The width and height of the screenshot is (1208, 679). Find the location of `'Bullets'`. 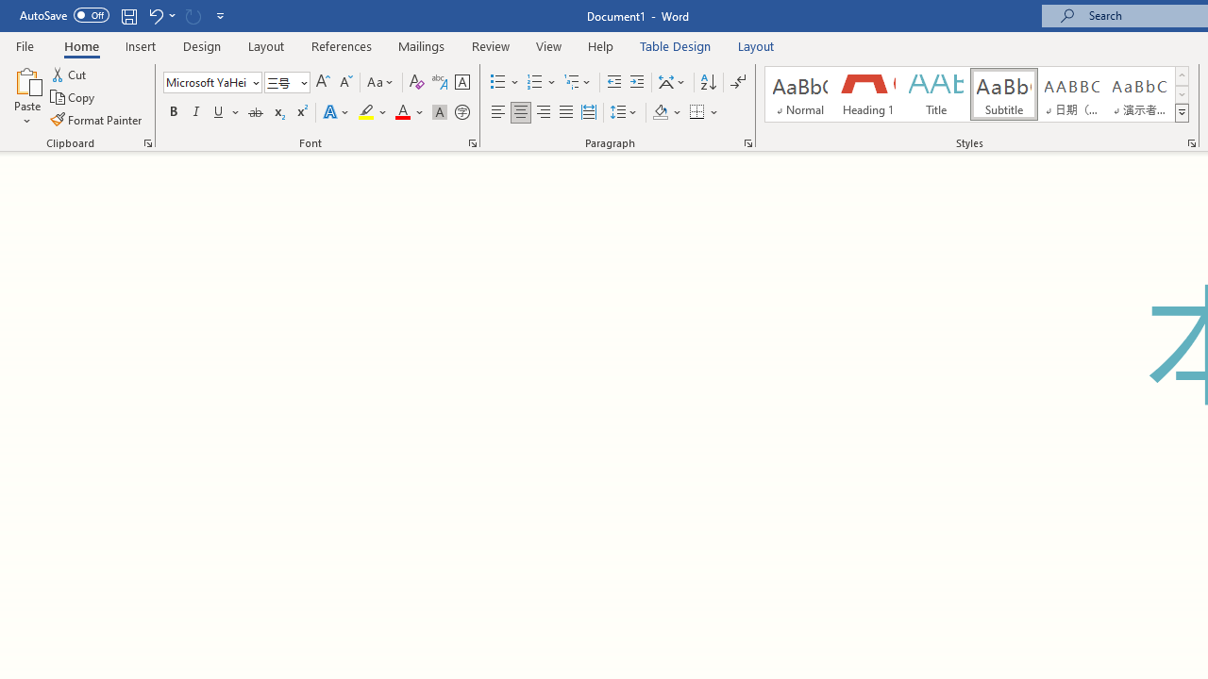

'Bullets' is located at coordinates (505, 81).